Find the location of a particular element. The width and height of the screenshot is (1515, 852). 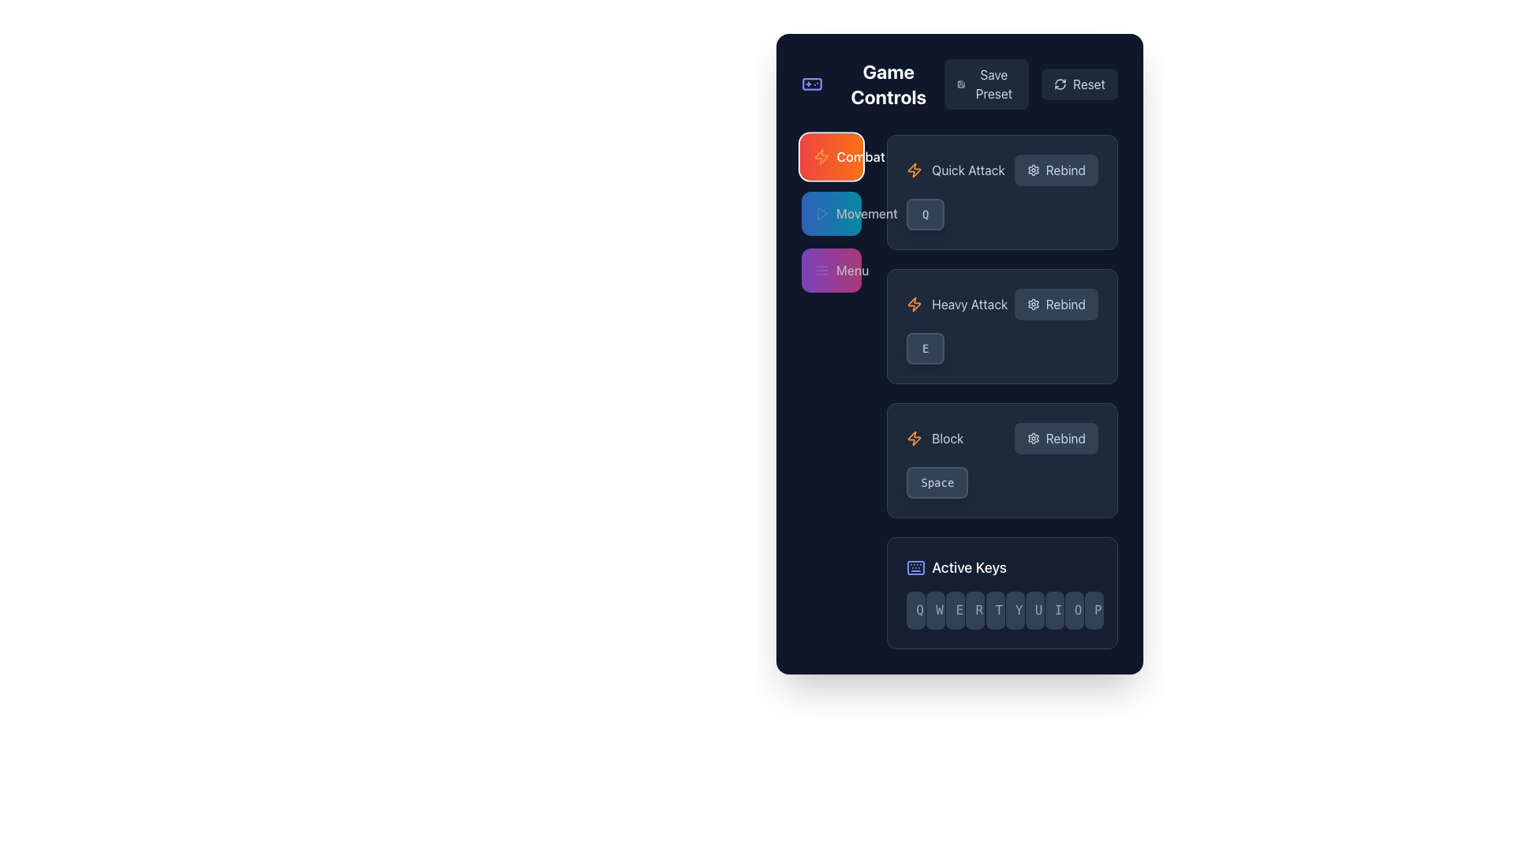

the second static text button representing the 'W' key in the 'Active Keys' section of the virtual keyboard is located at coordinates (936, 610).